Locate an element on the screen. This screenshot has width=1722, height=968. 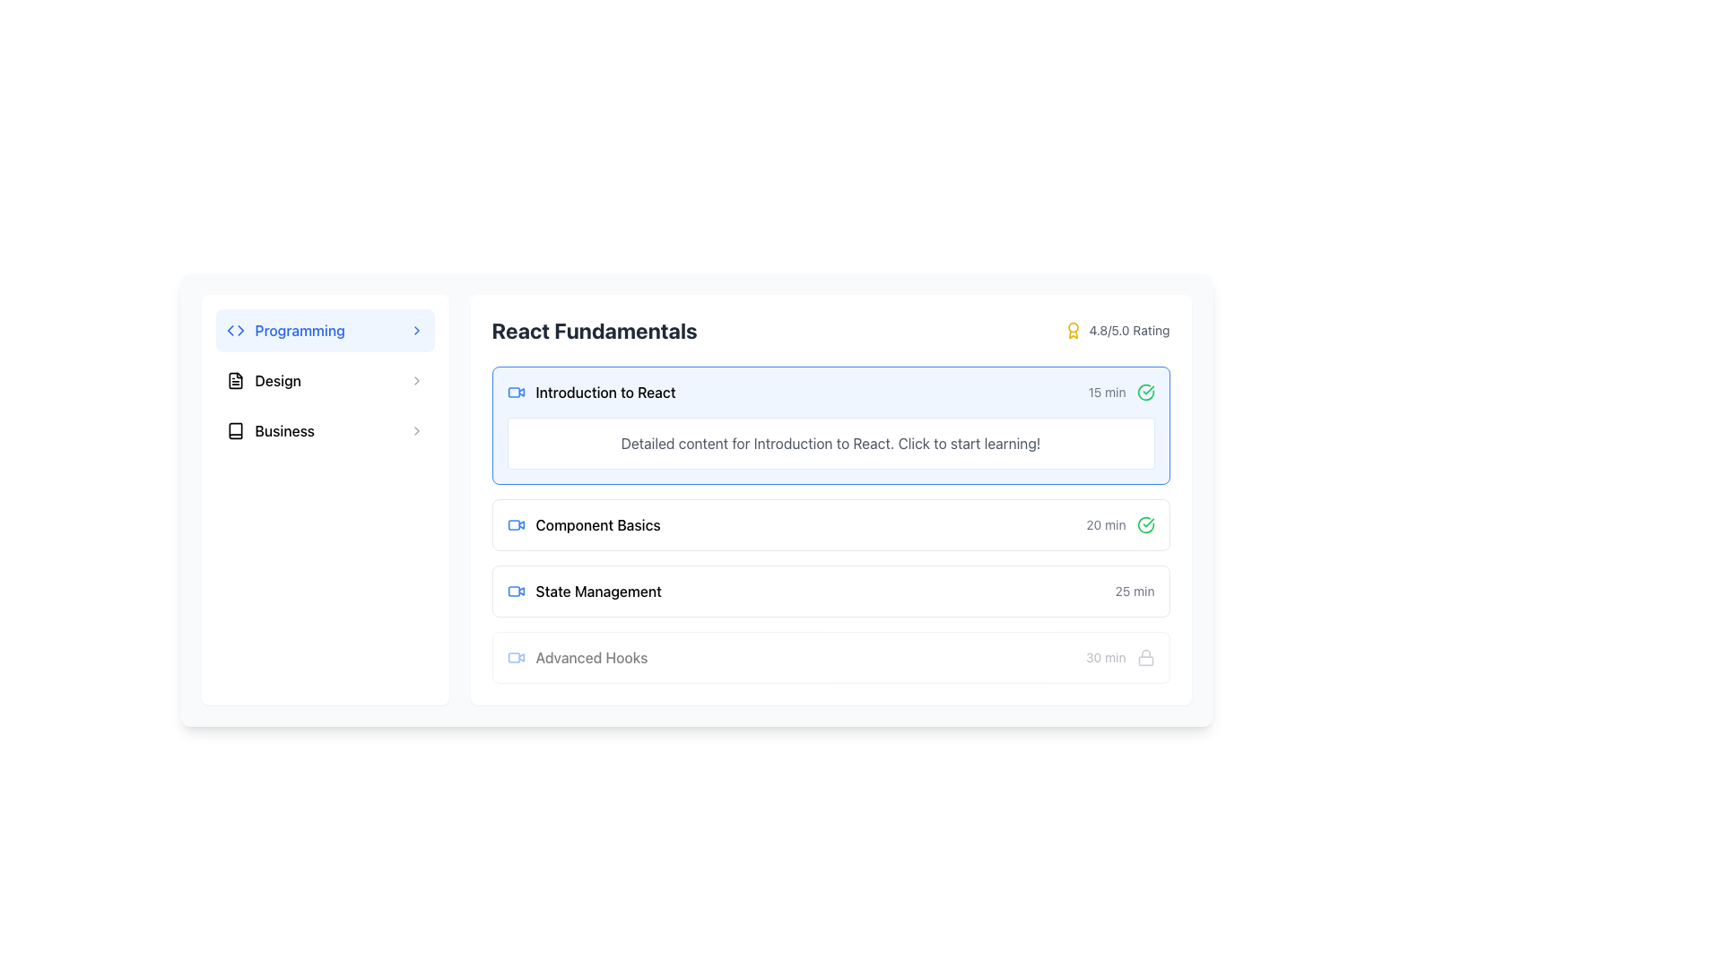
the 'State Management' lesson item button is located at coordinates (830, 591).